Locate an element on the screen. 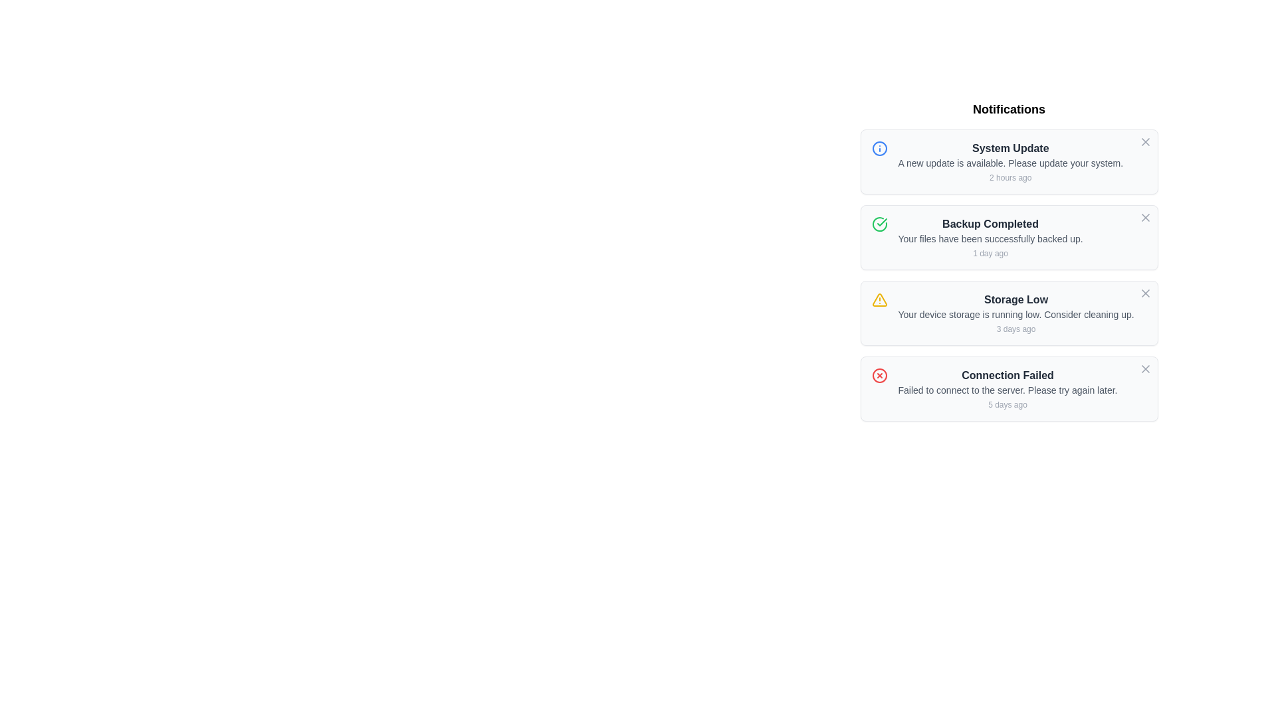 The height and width of the screenshot is (717, 1276). the 'Storage Low' notification card, which contains the message 'Your device storage is running low. Consider cleaning up.' and is the third card in the notification list is located at coordinates (1015, 313).